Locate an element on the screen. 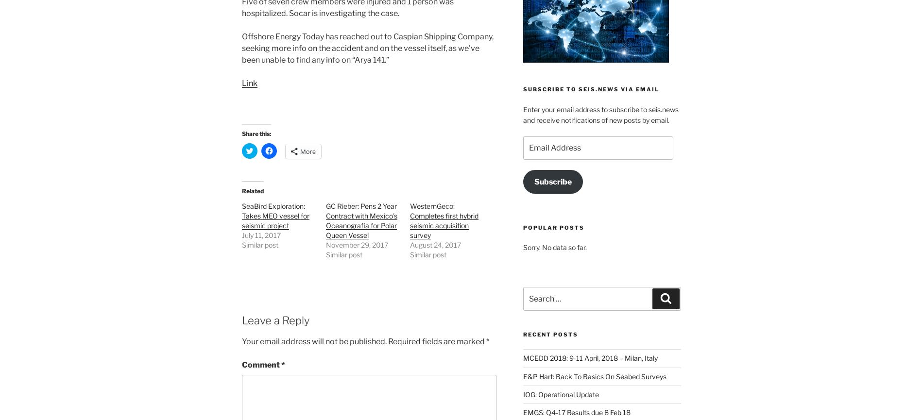 This screenshot has width=923, height=420. 'MCEDD 2018: 9-11 April, 2018 – Milan, Italy' is located at coordinates (589, 357).